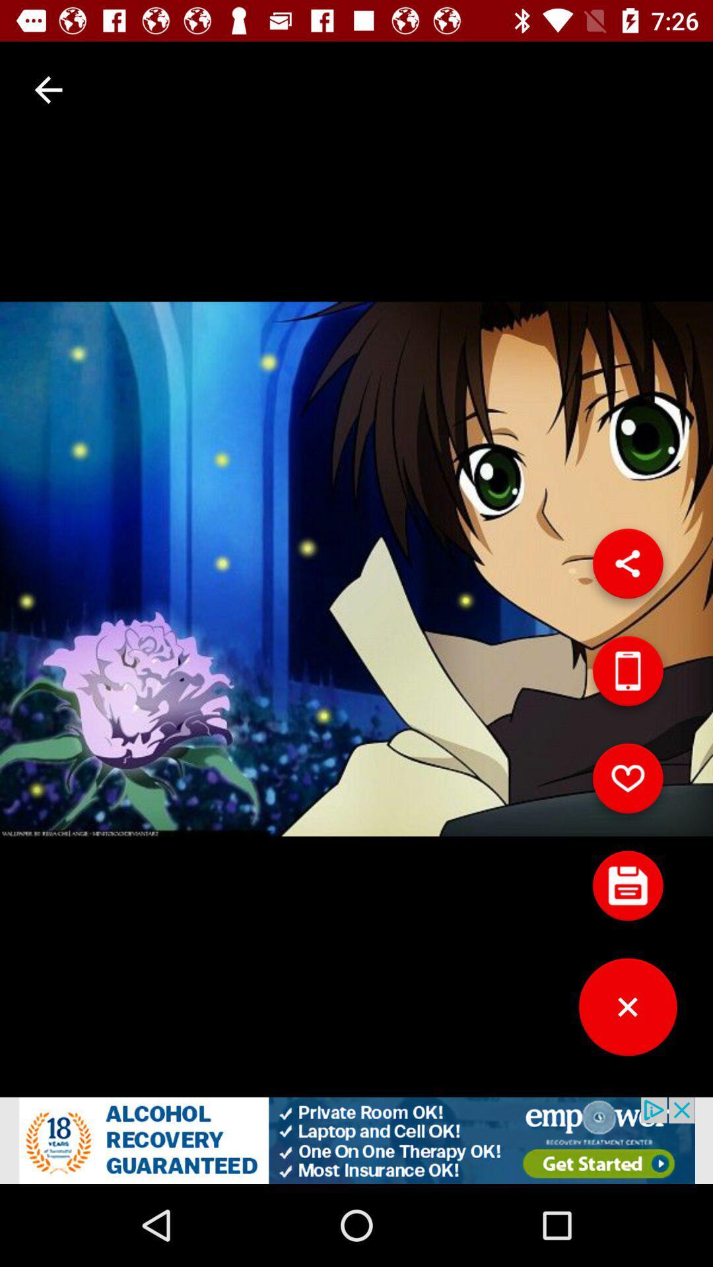 This screenshot has width=713, height=1267. Describe the element at coordinates (627, 783) in the screenshot. I see `like button` at that location.